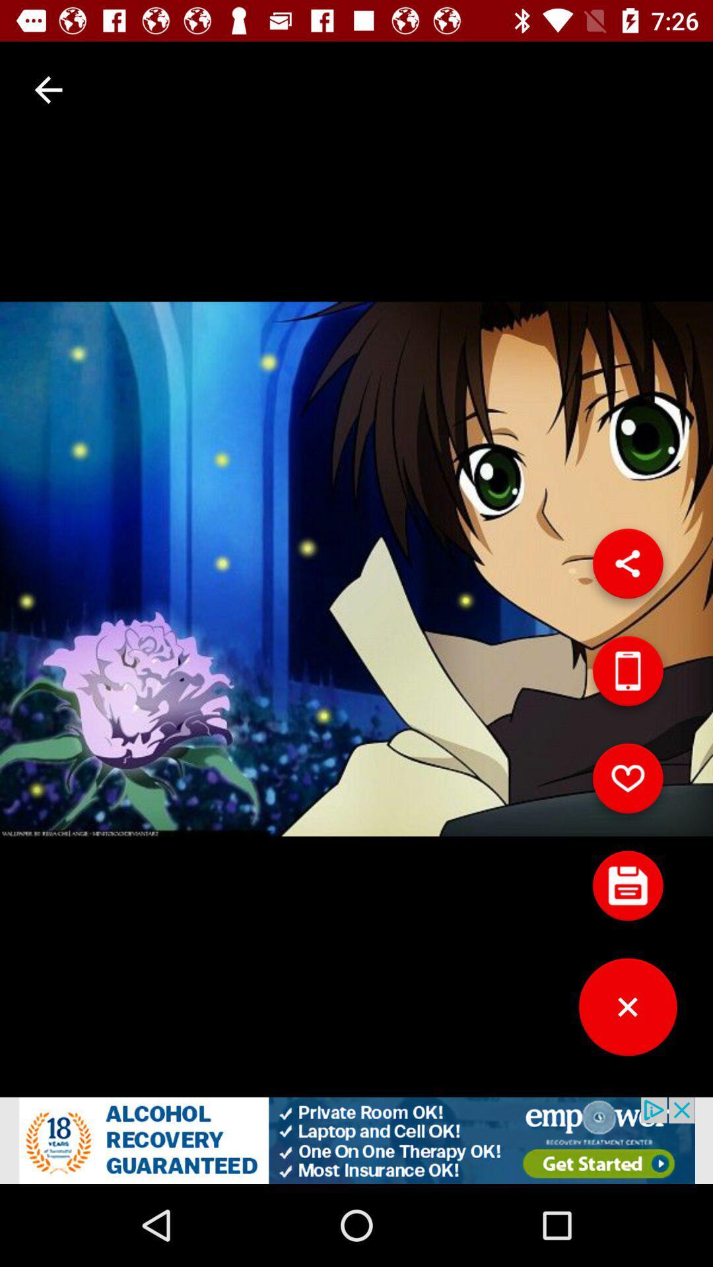 This screenshot has width=713, height=1267. Describe the element at coordinates (627, 783) in the screenshot. I see `like button` at that location.